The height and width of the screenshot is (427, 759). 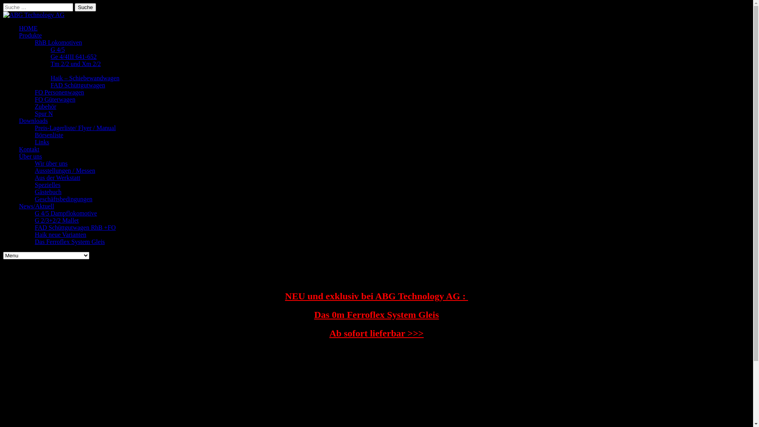 What do you see at coordinates (376, 296) in the screenshot?
I see `'NEU und exklusiv bei ABG Technology AG : '` at bounding box center [376, 296].